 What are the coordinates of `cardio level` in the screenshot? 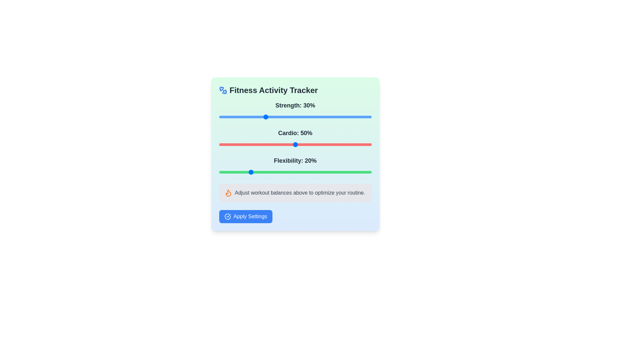 It's located at (290, 144).